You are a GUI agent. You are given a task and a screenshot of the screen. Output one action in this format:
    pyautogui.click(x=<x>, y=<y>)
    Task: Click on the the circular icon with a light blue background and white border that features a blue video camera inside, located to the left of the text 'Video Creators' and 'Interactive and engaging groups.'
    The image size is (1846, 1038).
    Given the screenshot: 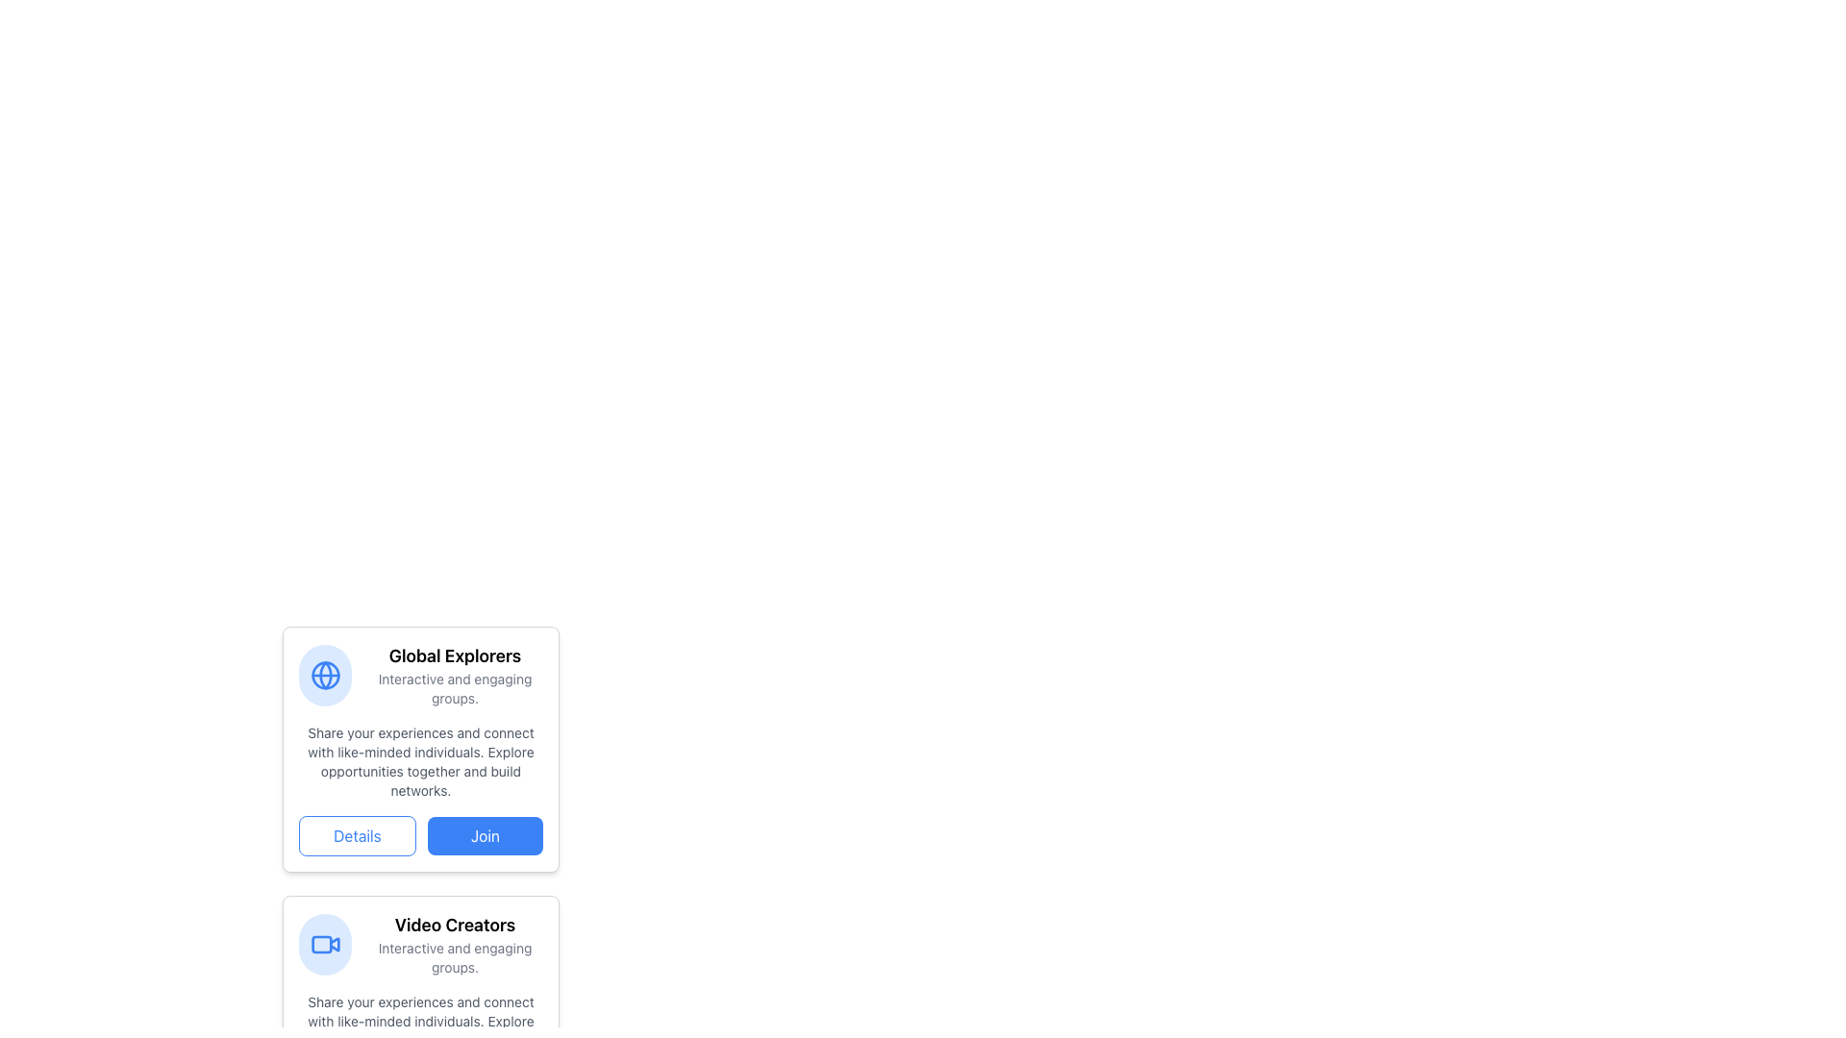 What is the action you would take?
    pyautogui.click(x=325, y=944)
    